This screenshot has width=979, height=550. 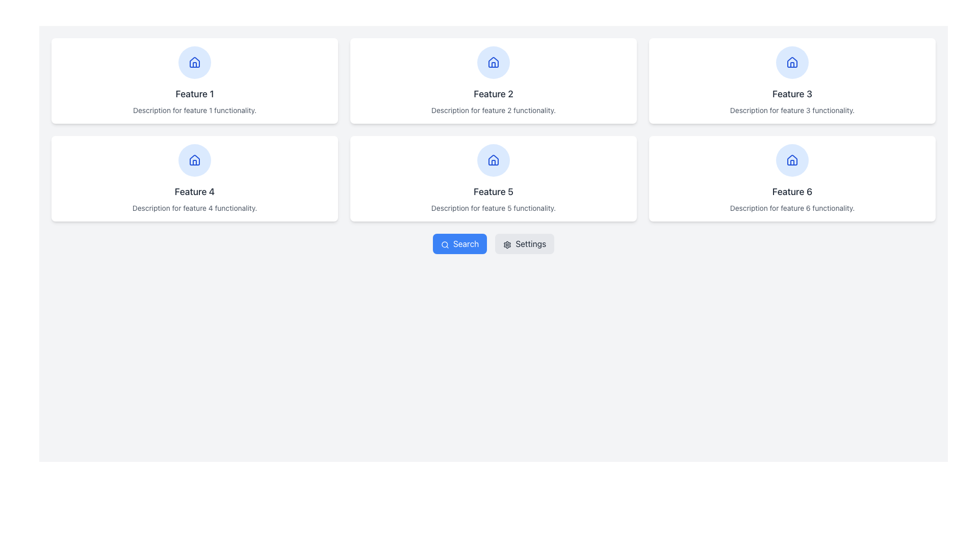 What do you see at coordinates (195, 63) in the screenshot?
I see `the circular light blue icon with a white house graphic, located at the top center of the first card above the text 'Feature 1'` at bounding box center [195, 63].